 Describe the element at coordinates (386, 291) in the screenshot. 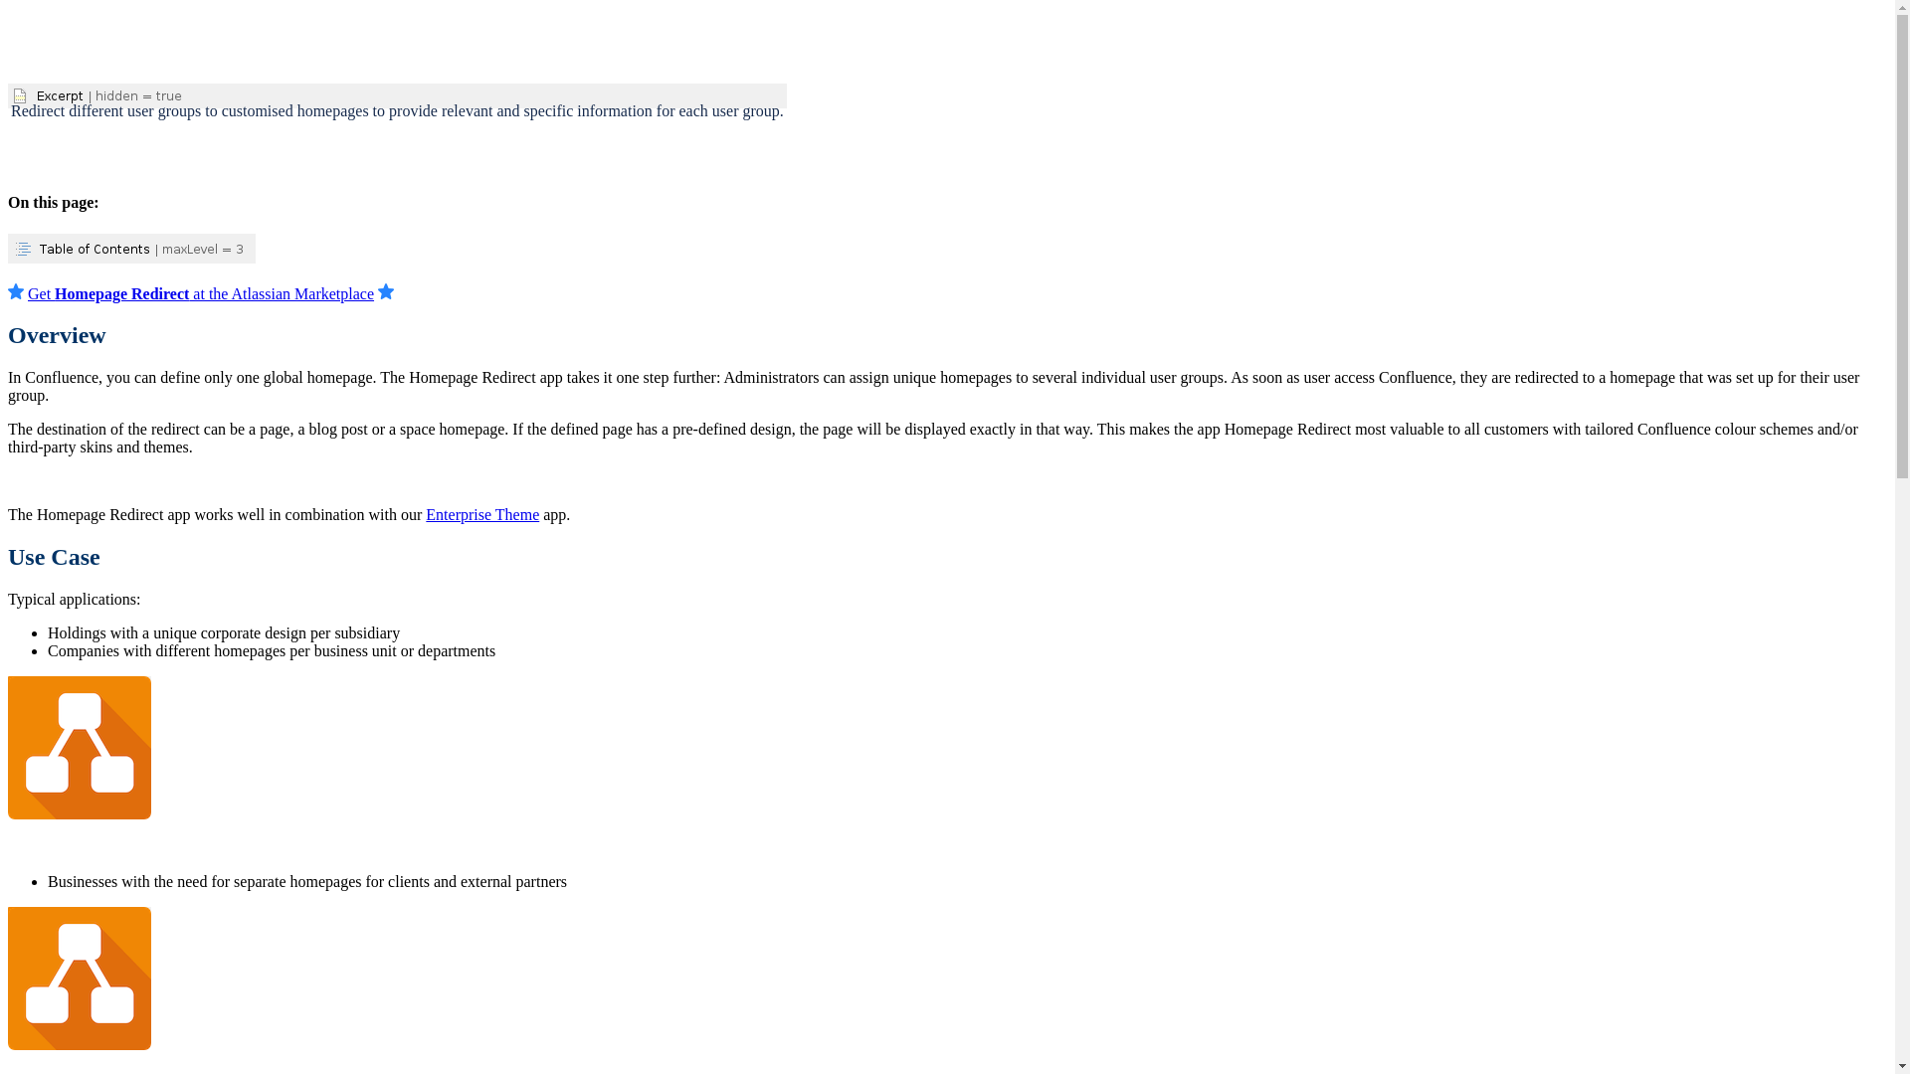

I see `'(blue star)'` at that location.